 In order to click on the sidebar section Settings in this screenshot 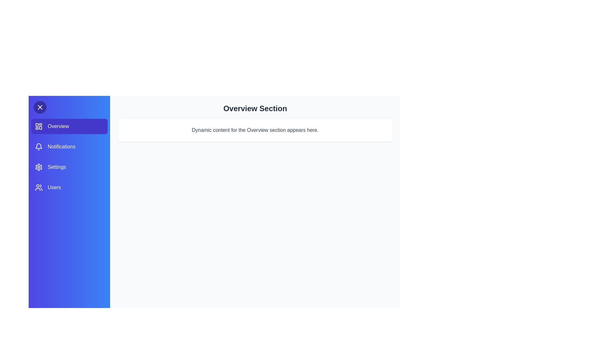, I will do `click(69, 167)`.